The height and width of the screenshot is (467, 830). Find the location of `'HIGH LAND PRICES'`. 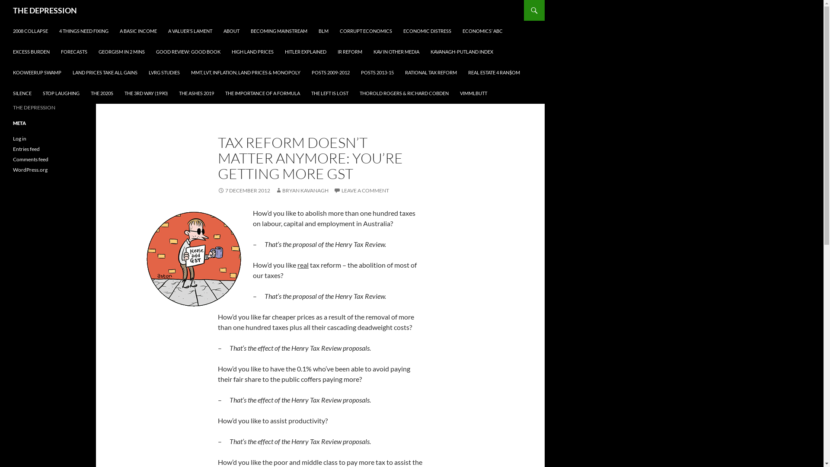

'HIGH LAND PRICES' is located at coordinates (252, 51).